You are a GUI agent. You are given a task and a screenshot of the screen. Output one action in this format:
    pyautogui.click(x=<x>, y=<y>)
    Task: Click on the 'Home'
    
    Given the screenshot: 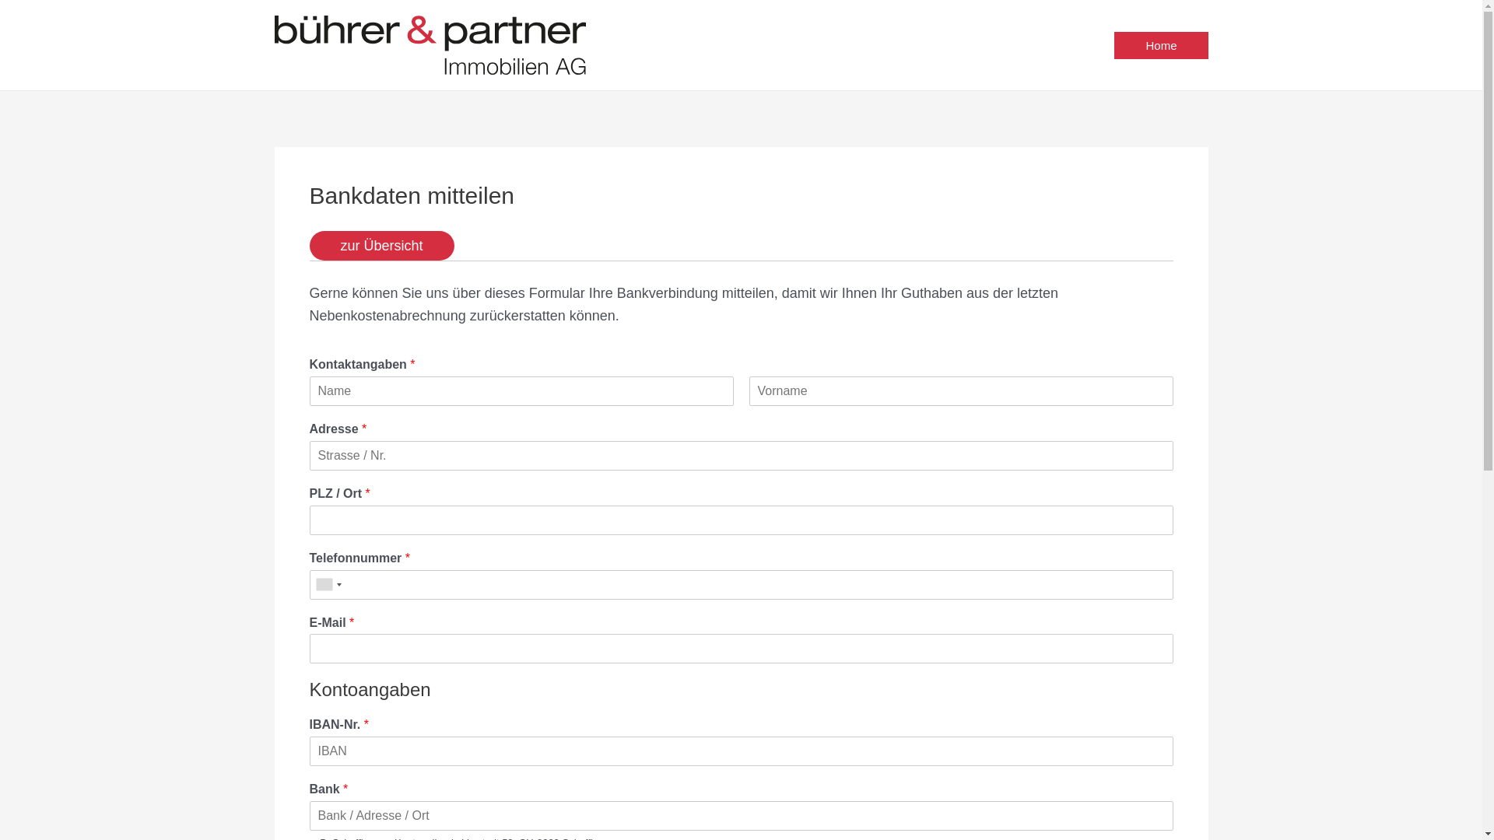 What is the action you would take?
    pyautogui.click(x=1113, y=44)
    